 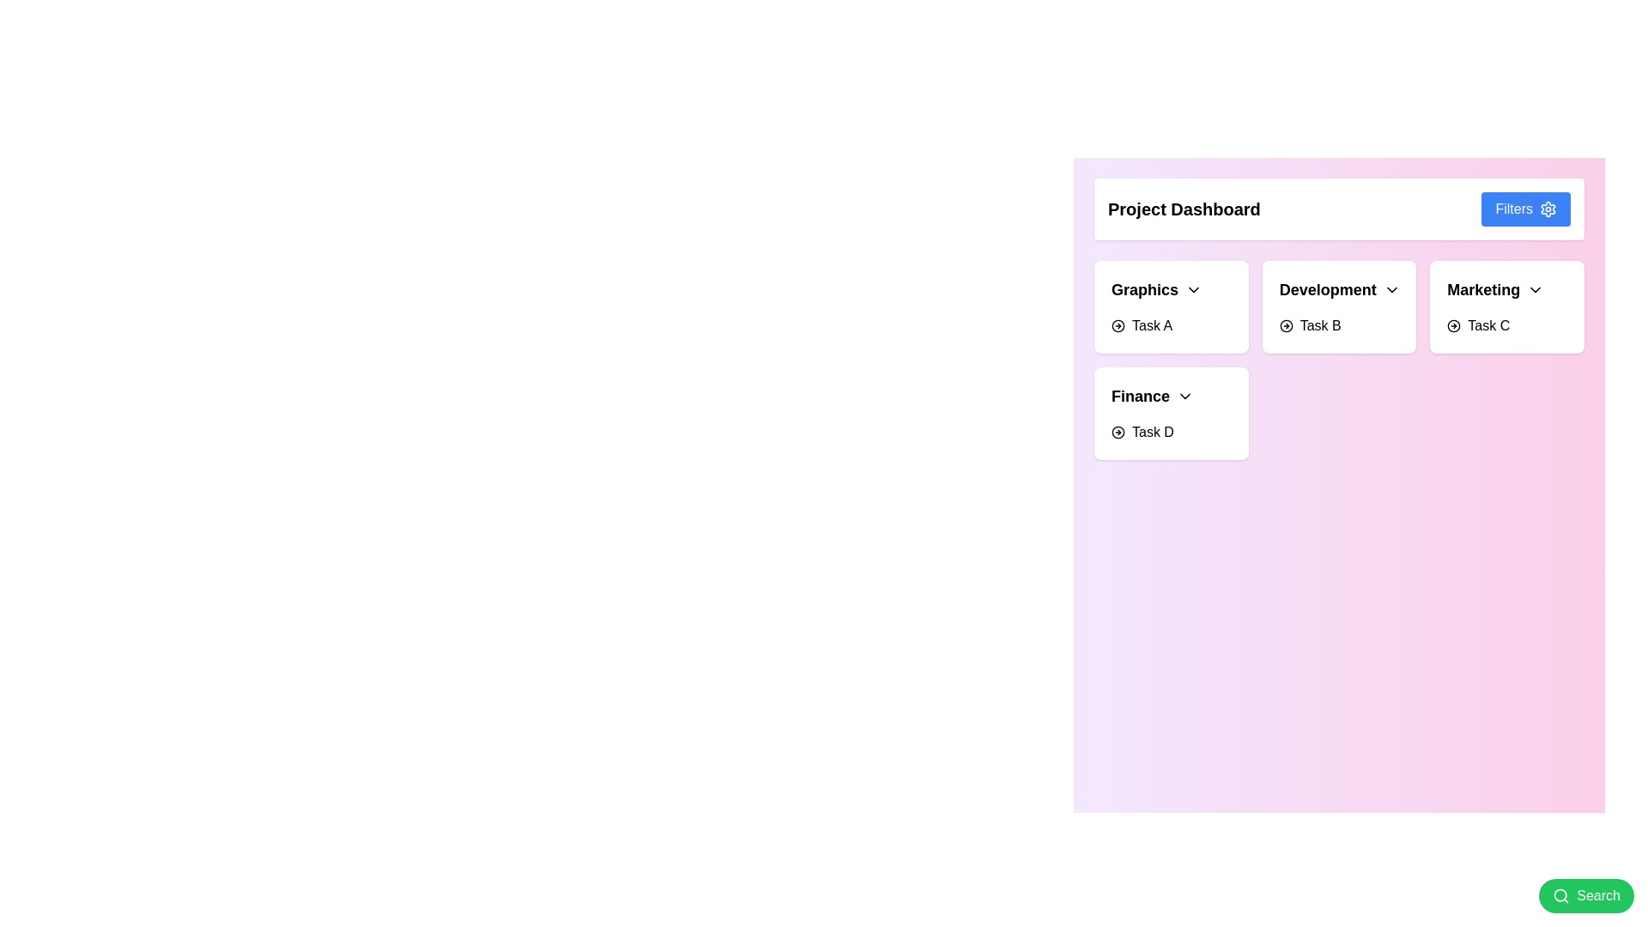 I want to click on the settings icon, which is a gear shape with a blue background located adjacent to the 'Filters' button in the Project Dashboard interface, so click(x=1548, y=208).